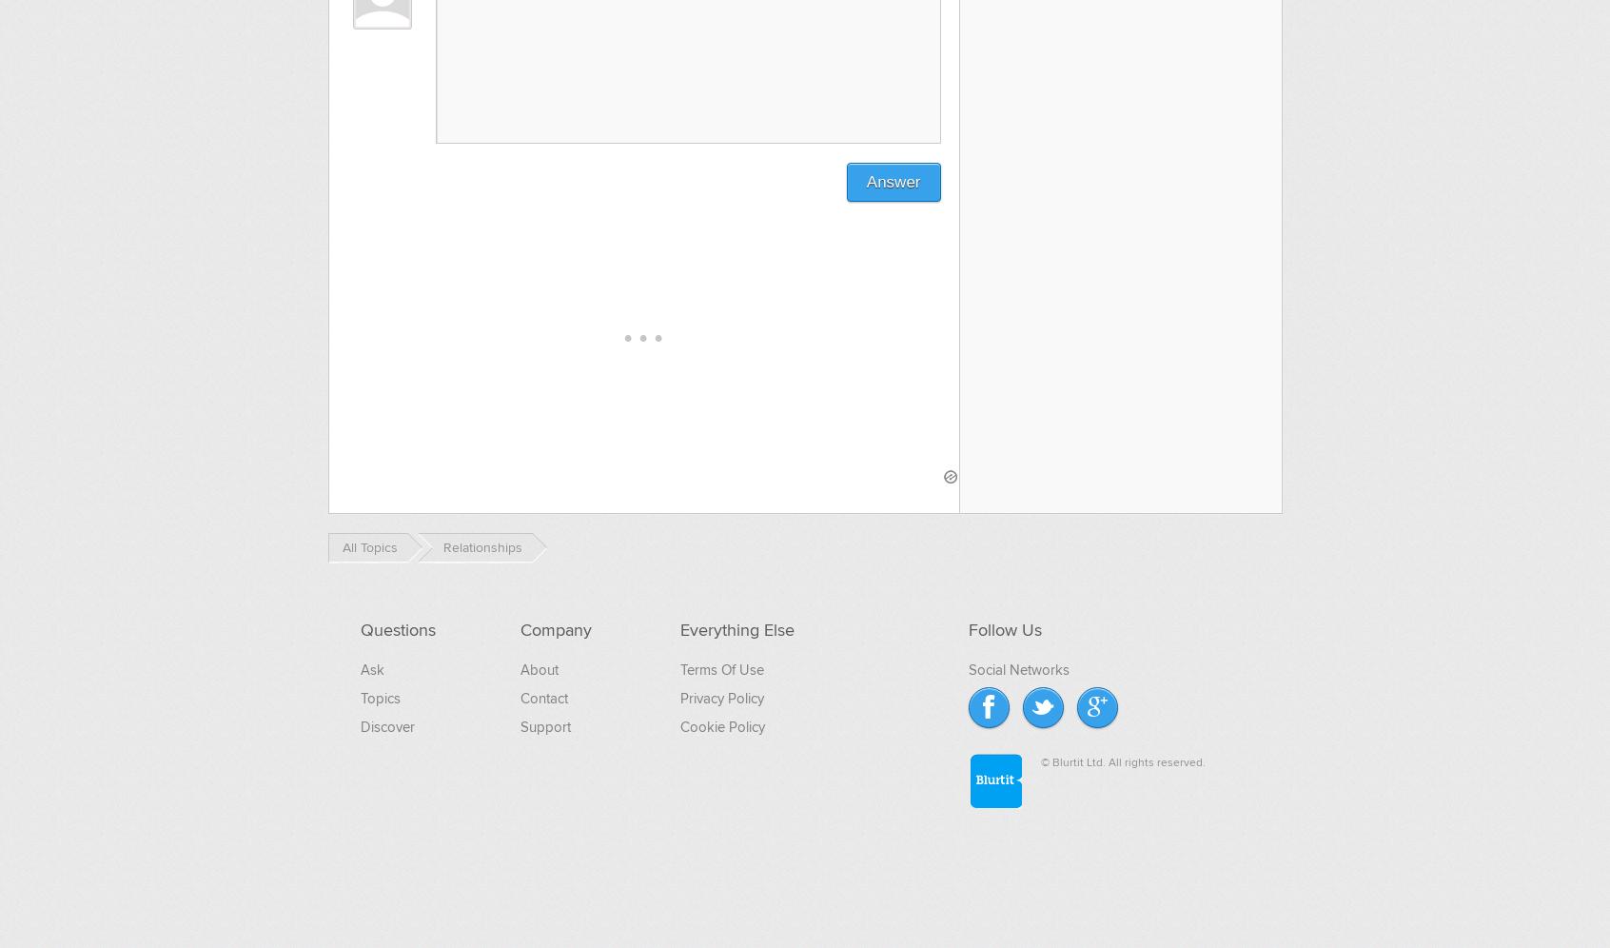  What do you see at coordinates (542, 696) in the screenshot?
I see `'Contact'` at bounding box center [542, 696].